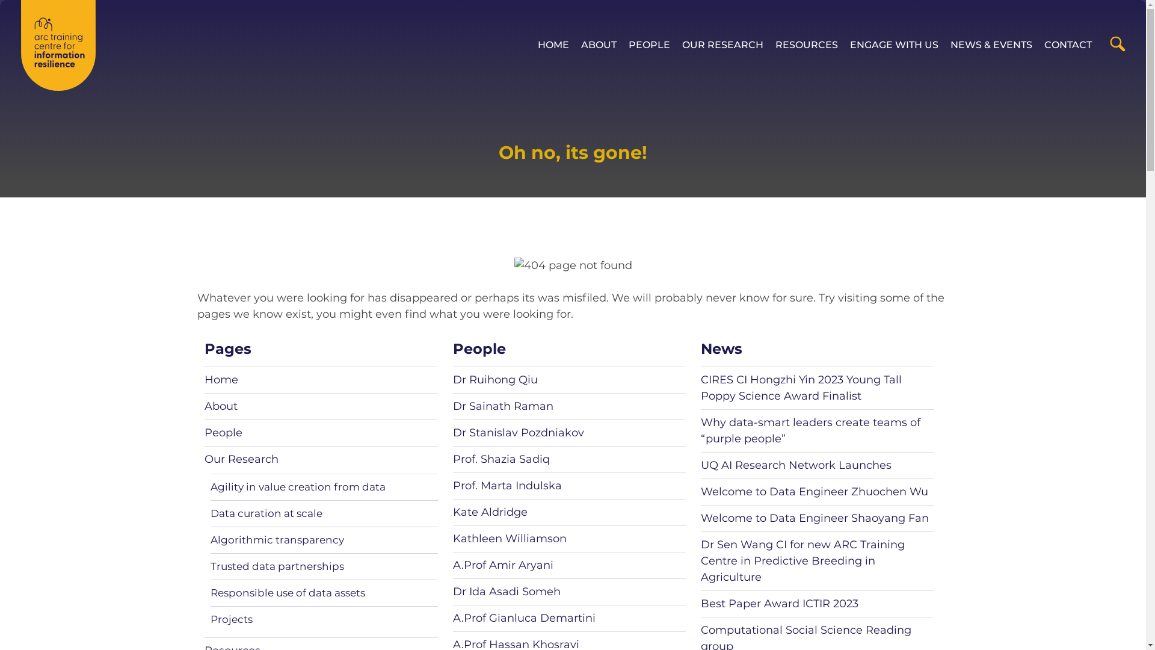 The image size is (1155, 650). Describe the element at coordinates (682, 44) in the screenshot. I see `'OUR RESEARCH'` at that location.